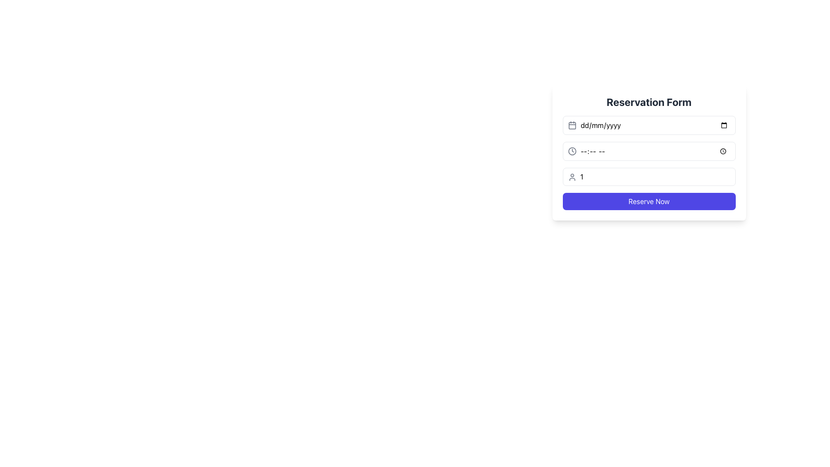 Image resolution: width=830 pixels, height=467 pixels. What do you see at coordinates (572, 176) in the screenshot?
I see `the user icon SVG graphic in outline style, which is gray and serves as a decorative component for the input field labeled '1' in the reservation form interface` at bounding box center [572, 176].